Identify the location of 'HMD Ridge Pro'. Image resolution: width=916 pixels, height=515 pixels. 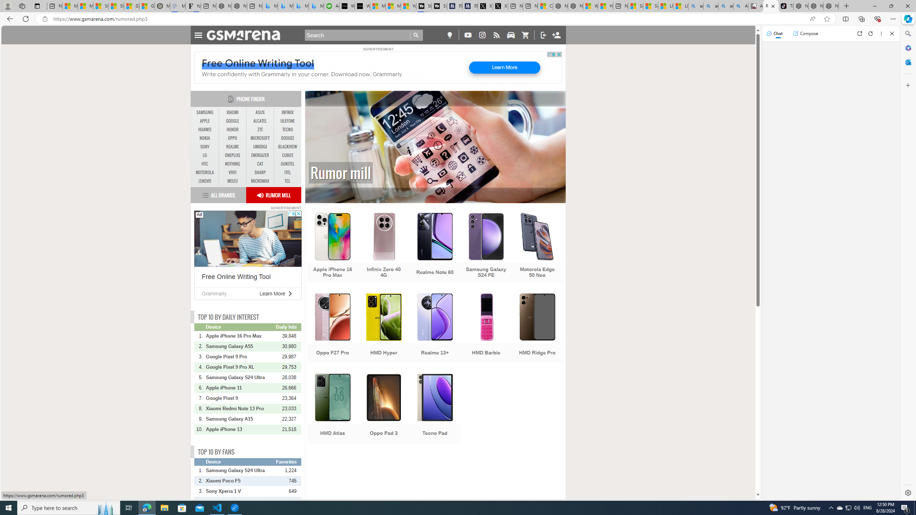
(537, 329).